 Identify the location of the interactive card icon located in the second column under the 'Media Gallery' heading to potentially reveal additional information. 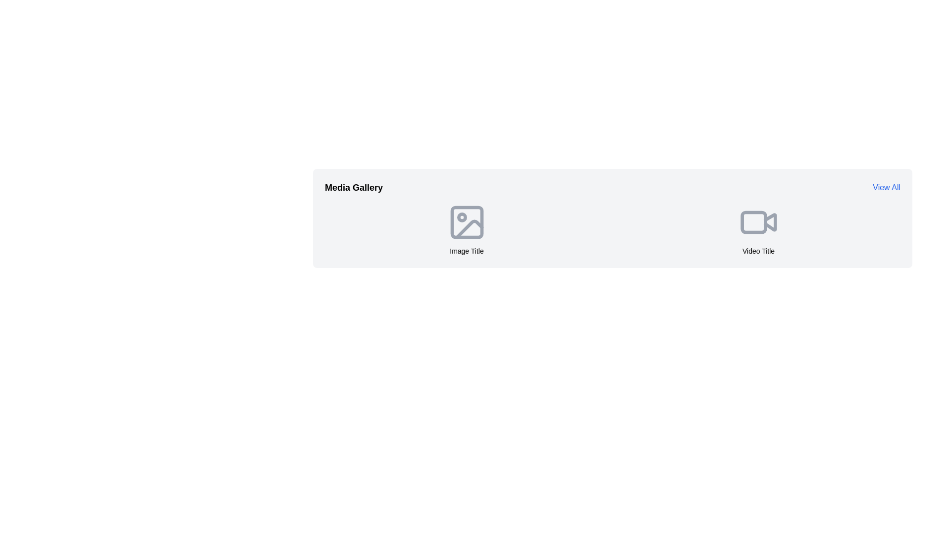
(758, 229).